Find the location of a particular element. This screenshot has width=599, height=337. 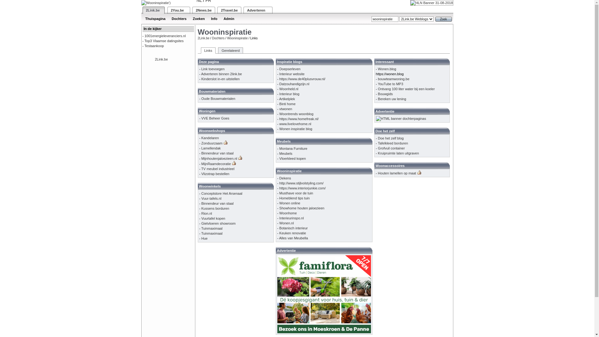

'Bouwgids' is located at coordinates (385, 94).